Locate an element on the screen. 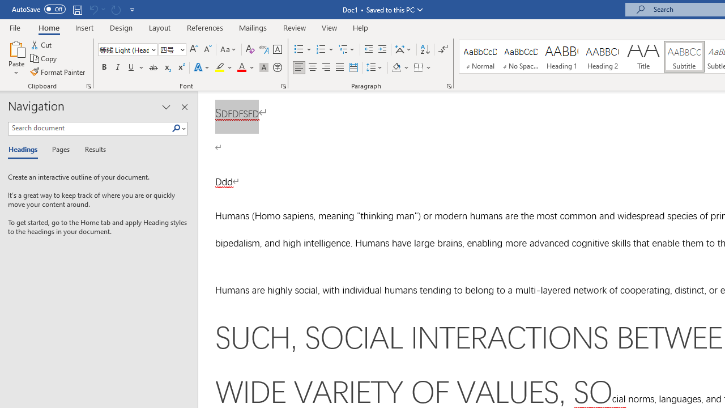 The height and width of the screenshot is (408, 725). 'Subscript' is located at coordinates (167, 67).